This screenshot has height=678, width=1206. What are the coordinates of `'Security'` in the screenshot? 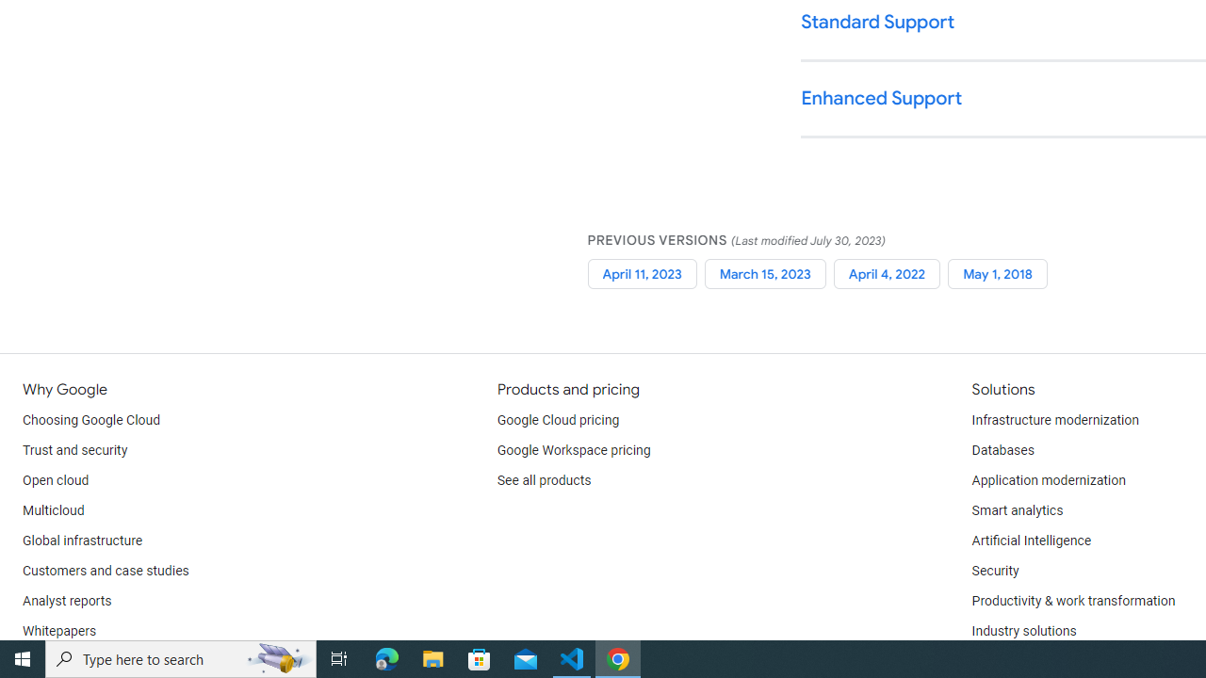 It's located at (994, 570).